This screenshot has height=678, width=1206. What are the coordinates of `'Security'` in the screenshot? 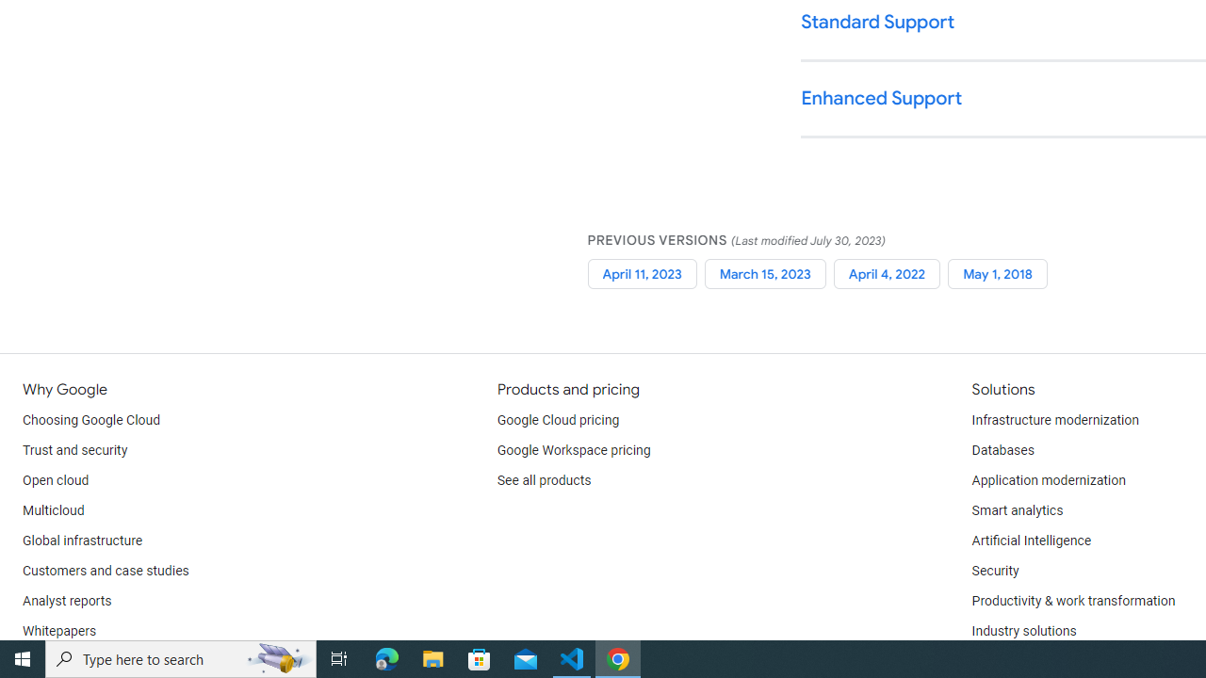 It's located at (994, 570).